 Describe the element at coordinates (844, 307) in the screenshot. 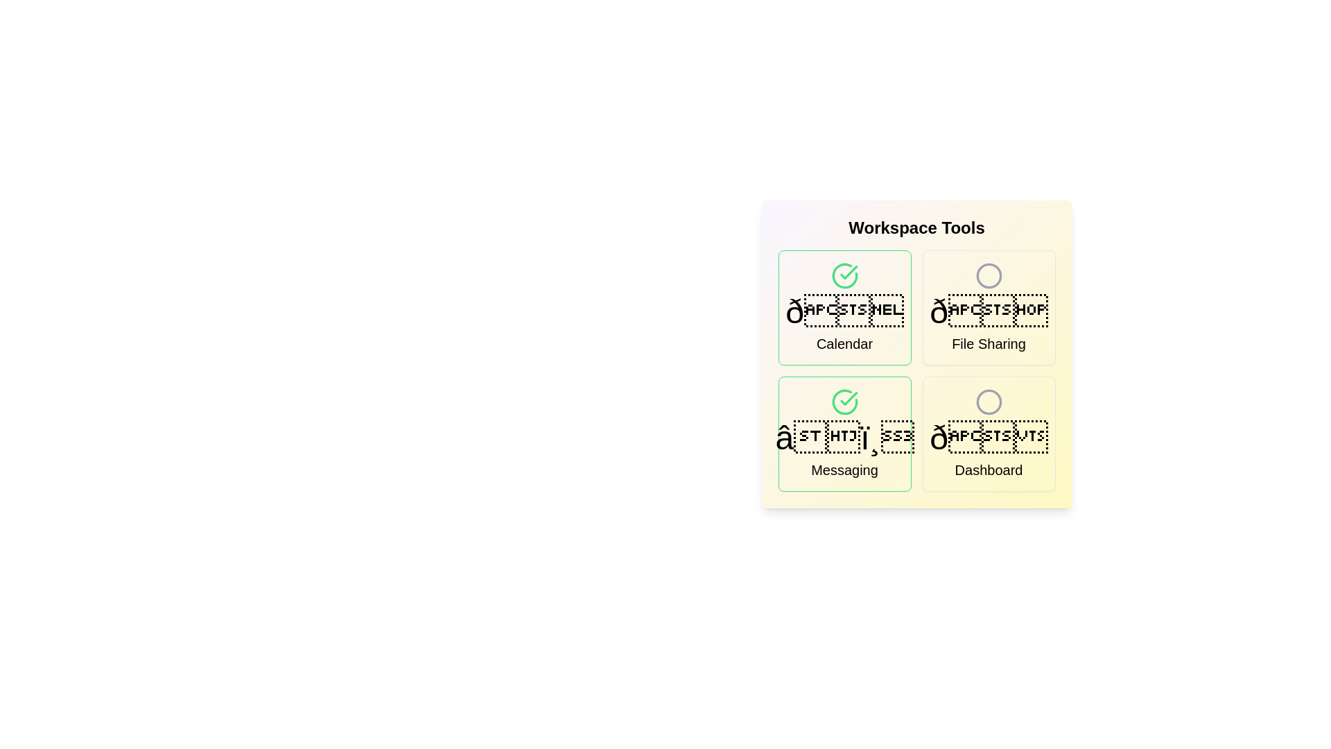

I see `the Calendar button to observe its hover effect` at that location.